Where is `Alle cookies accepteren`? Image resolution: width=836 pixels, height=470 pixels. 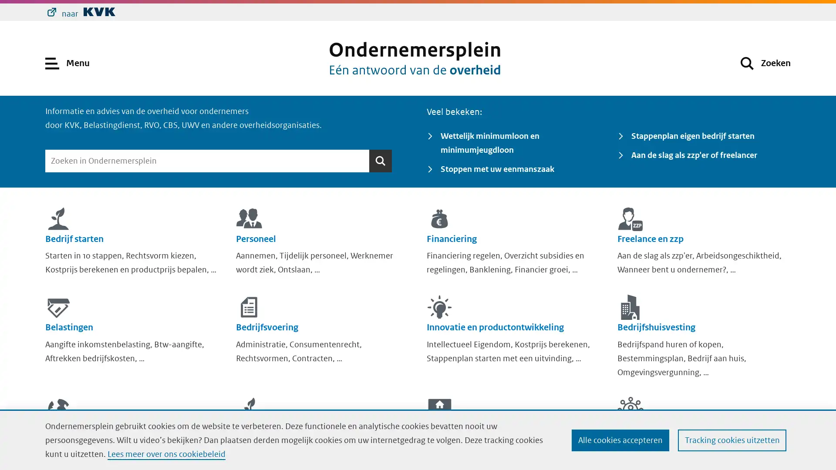
Alle cookies accepteren is located at coordinates (620, 440).